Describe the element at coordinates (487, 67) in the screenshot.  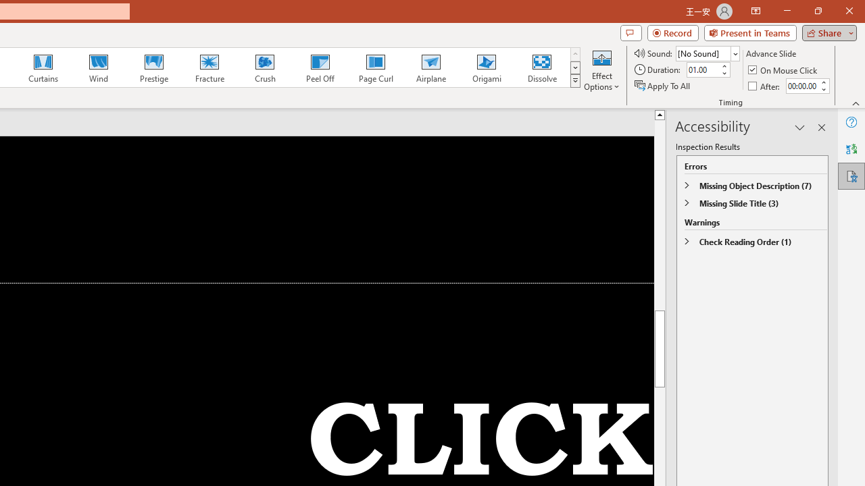
I see `'Origami'` at that location.